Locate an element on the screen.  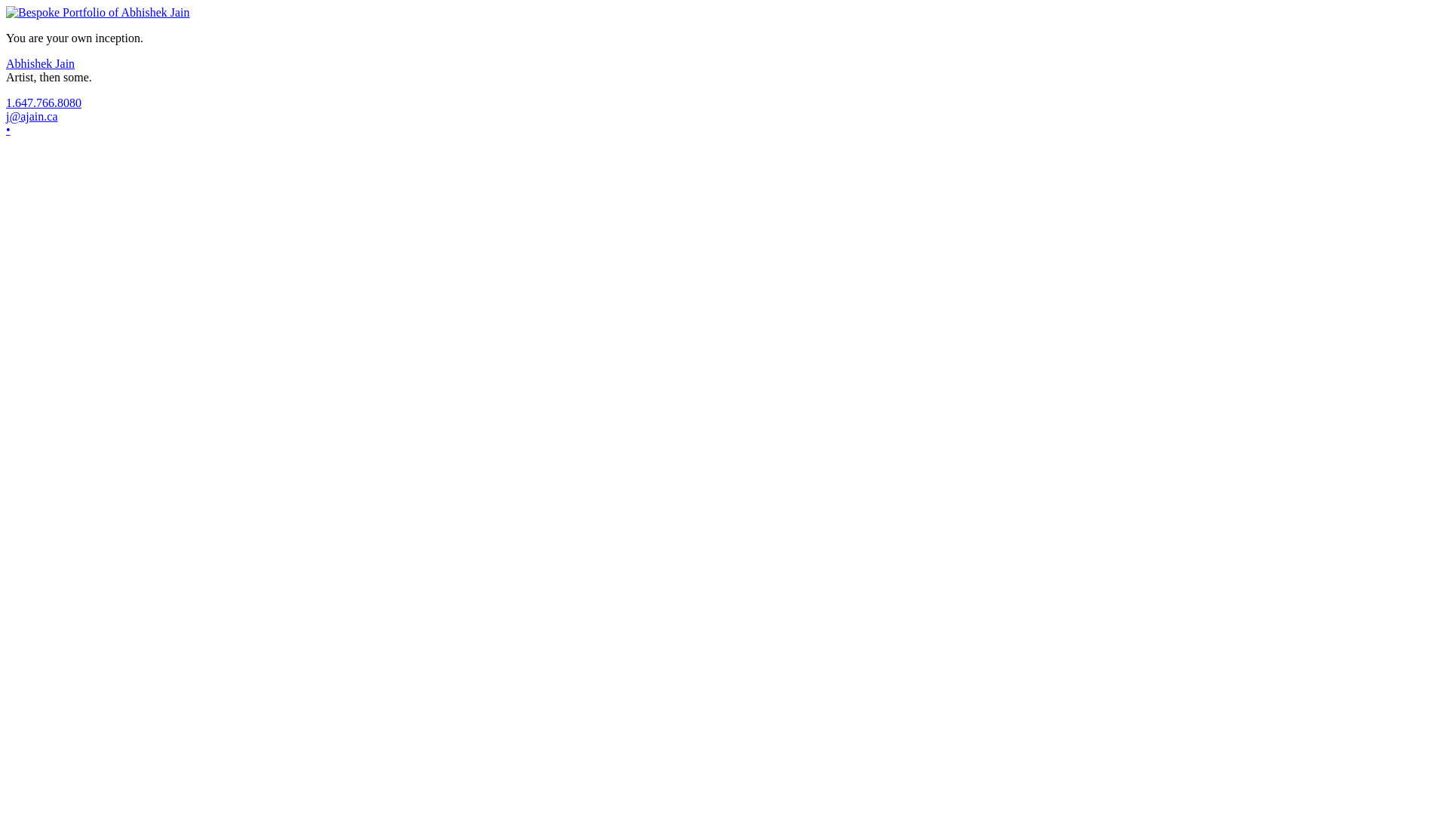
'The Portfolio' is located at coordinates (6, 12).